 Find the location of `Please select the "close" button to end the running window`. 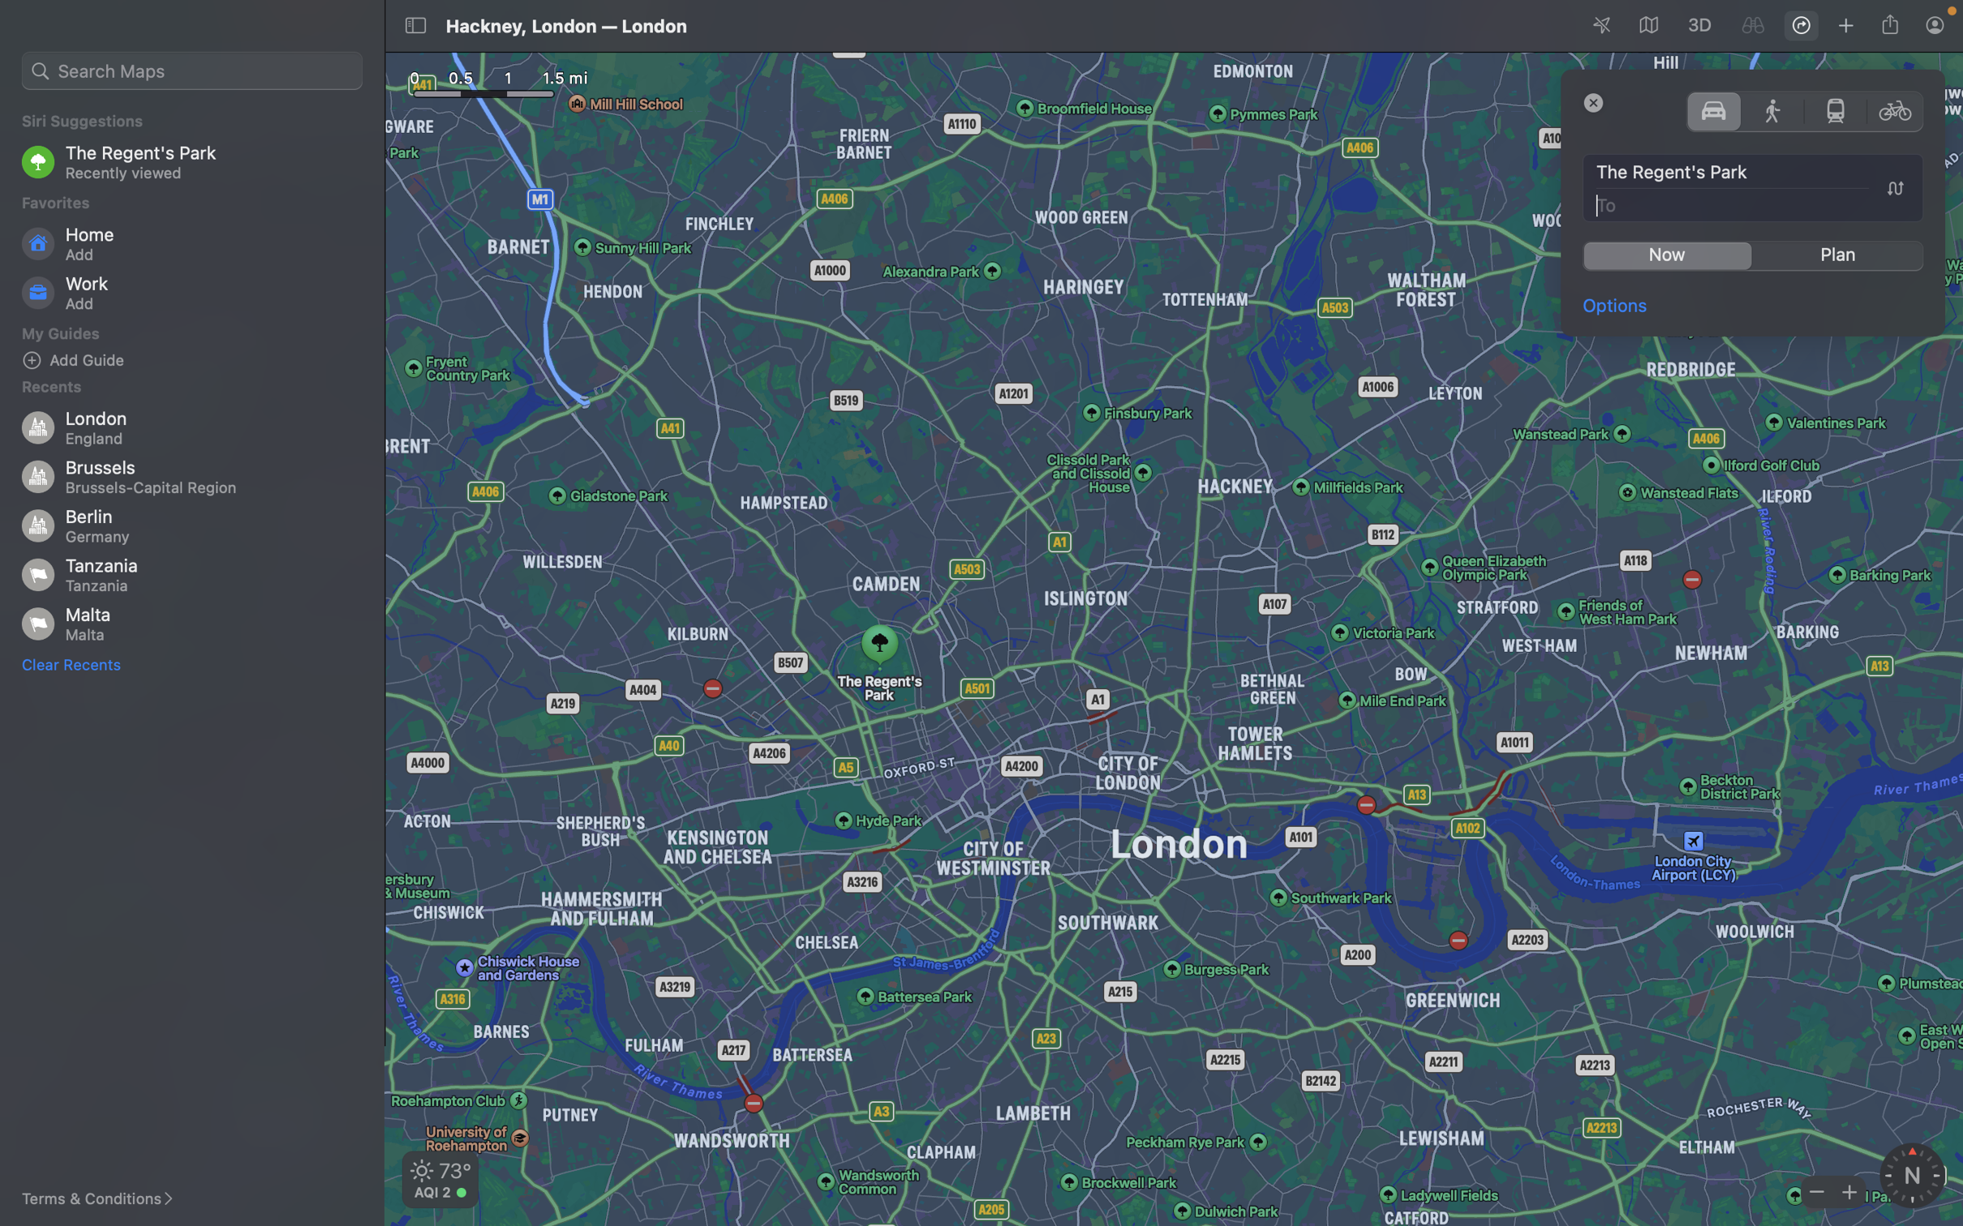

Please select the "close" button to end the running window is located at coordinates (1594, 101).